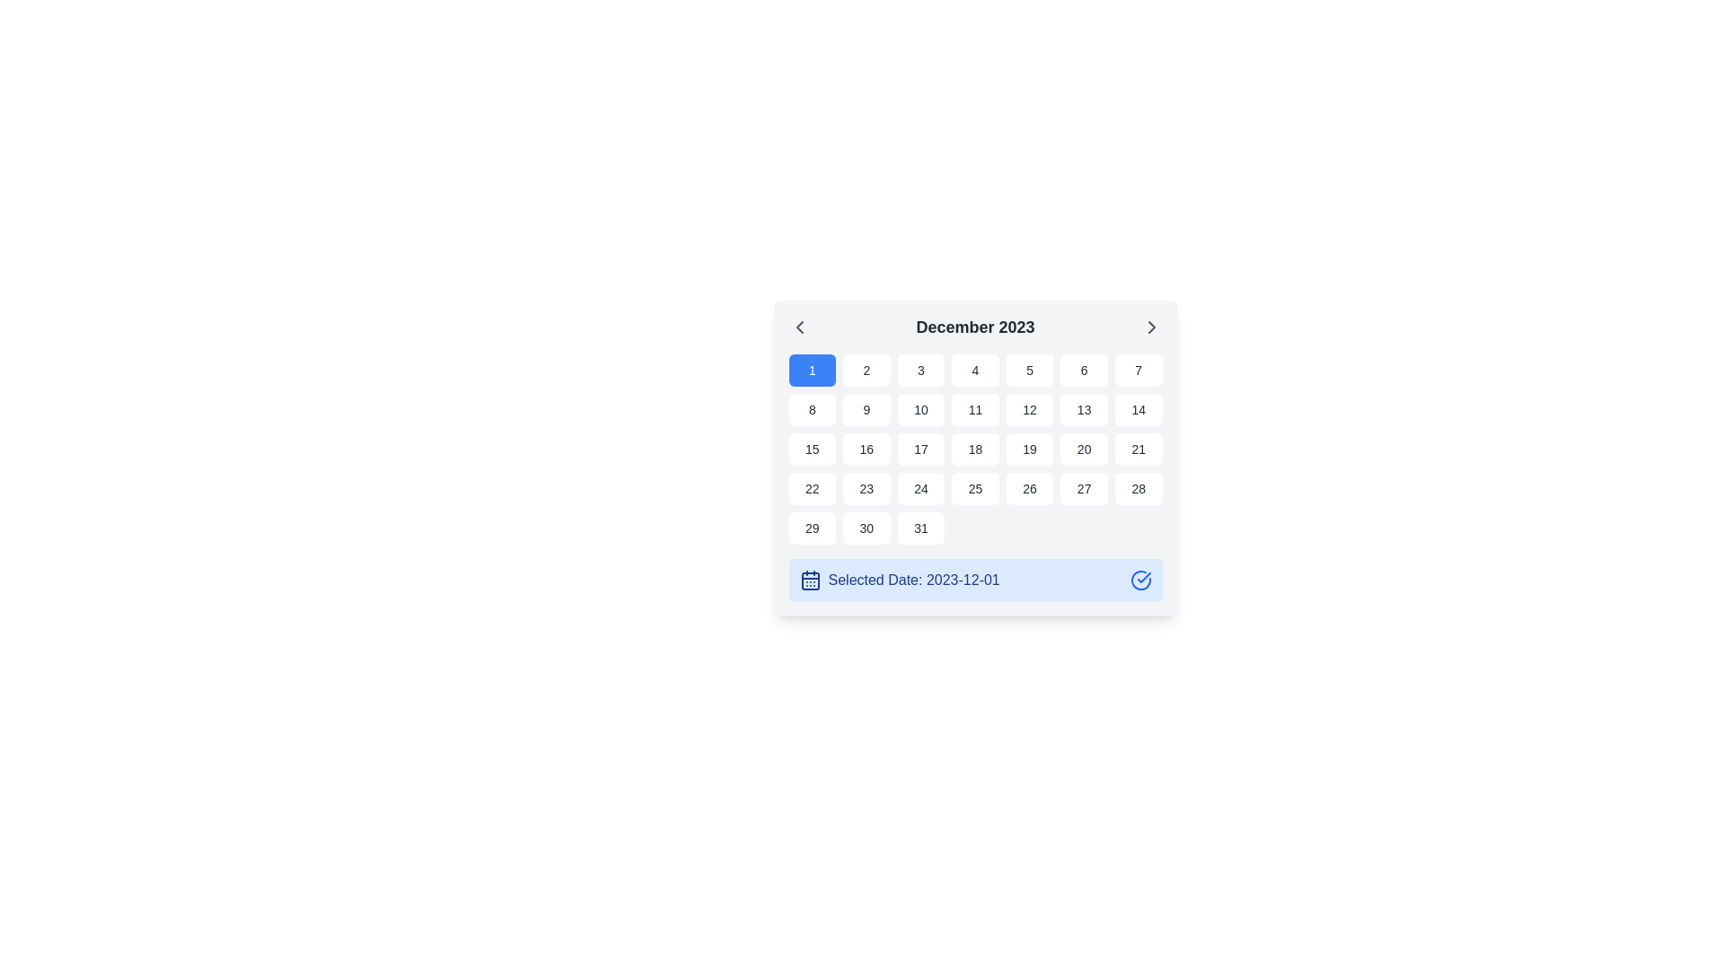 The height and width of the screenshot is (969, 1724). Describe the element at coordinates (866, 528) in the screenshot. I see `the rectangular date button displaying '30' in bold dark gray text` at that location.